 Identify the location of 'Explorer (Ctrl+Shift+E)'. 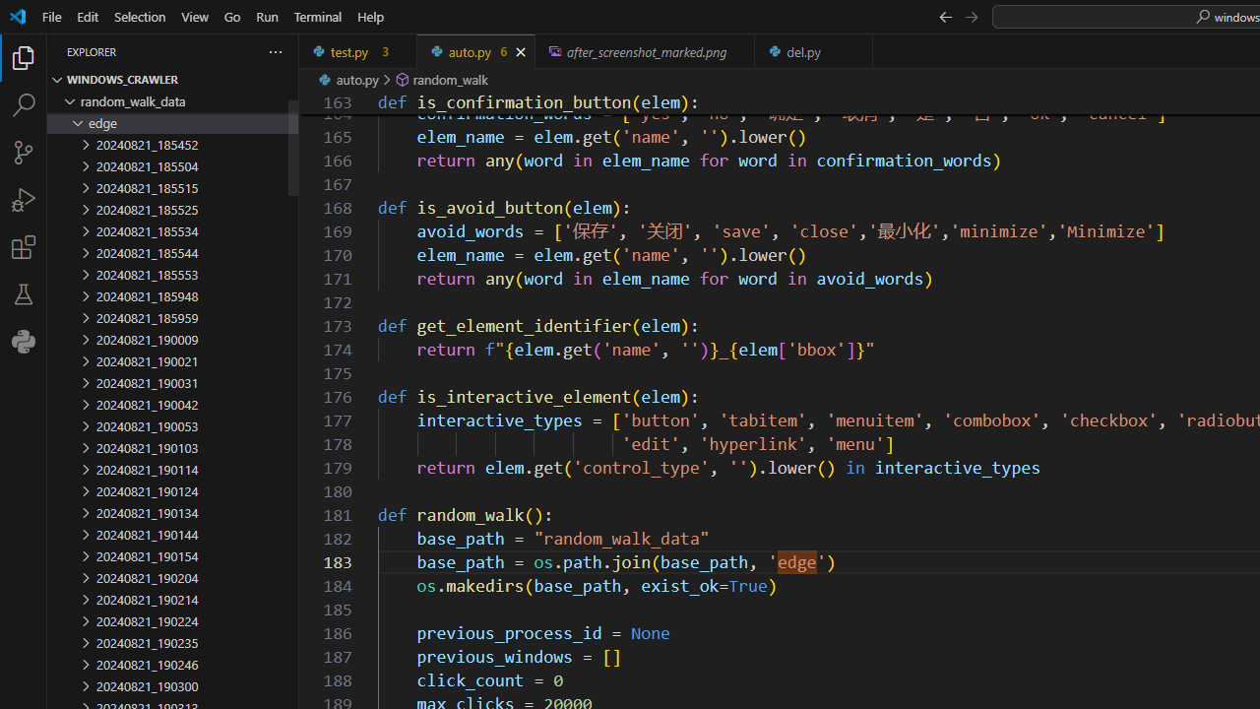
(24, 57).